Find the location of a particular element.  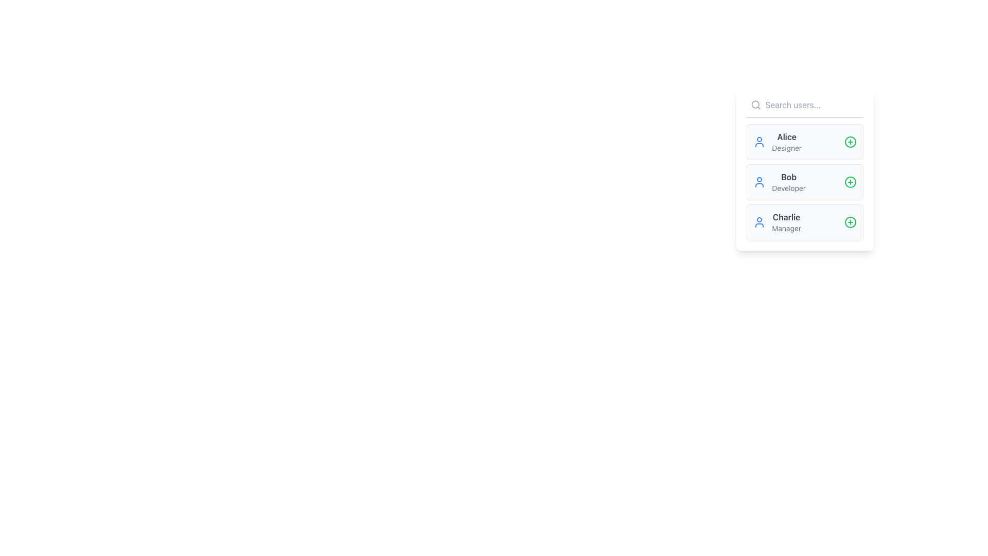

the static text label reading 'Developer' which is styled in a smaller font and lighter gray color, positioned beneath the name 'Bob' in a user card interface is located at coordinates (788, 188).